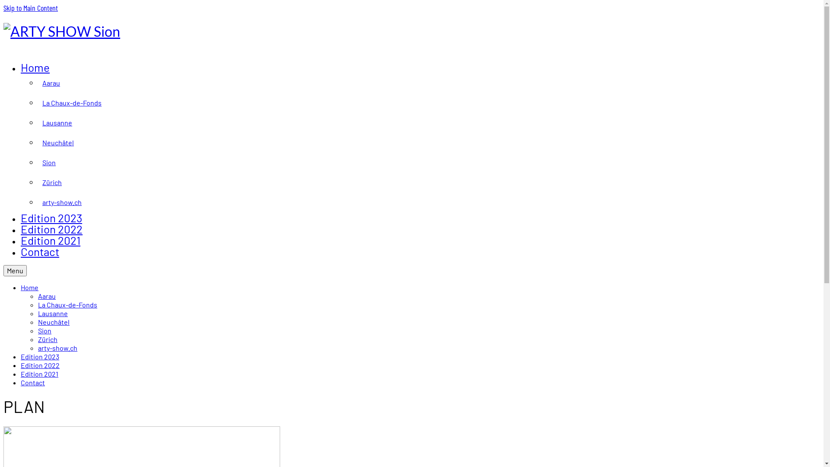  I want to click on 'arty-show.ch', so click(37, 347).